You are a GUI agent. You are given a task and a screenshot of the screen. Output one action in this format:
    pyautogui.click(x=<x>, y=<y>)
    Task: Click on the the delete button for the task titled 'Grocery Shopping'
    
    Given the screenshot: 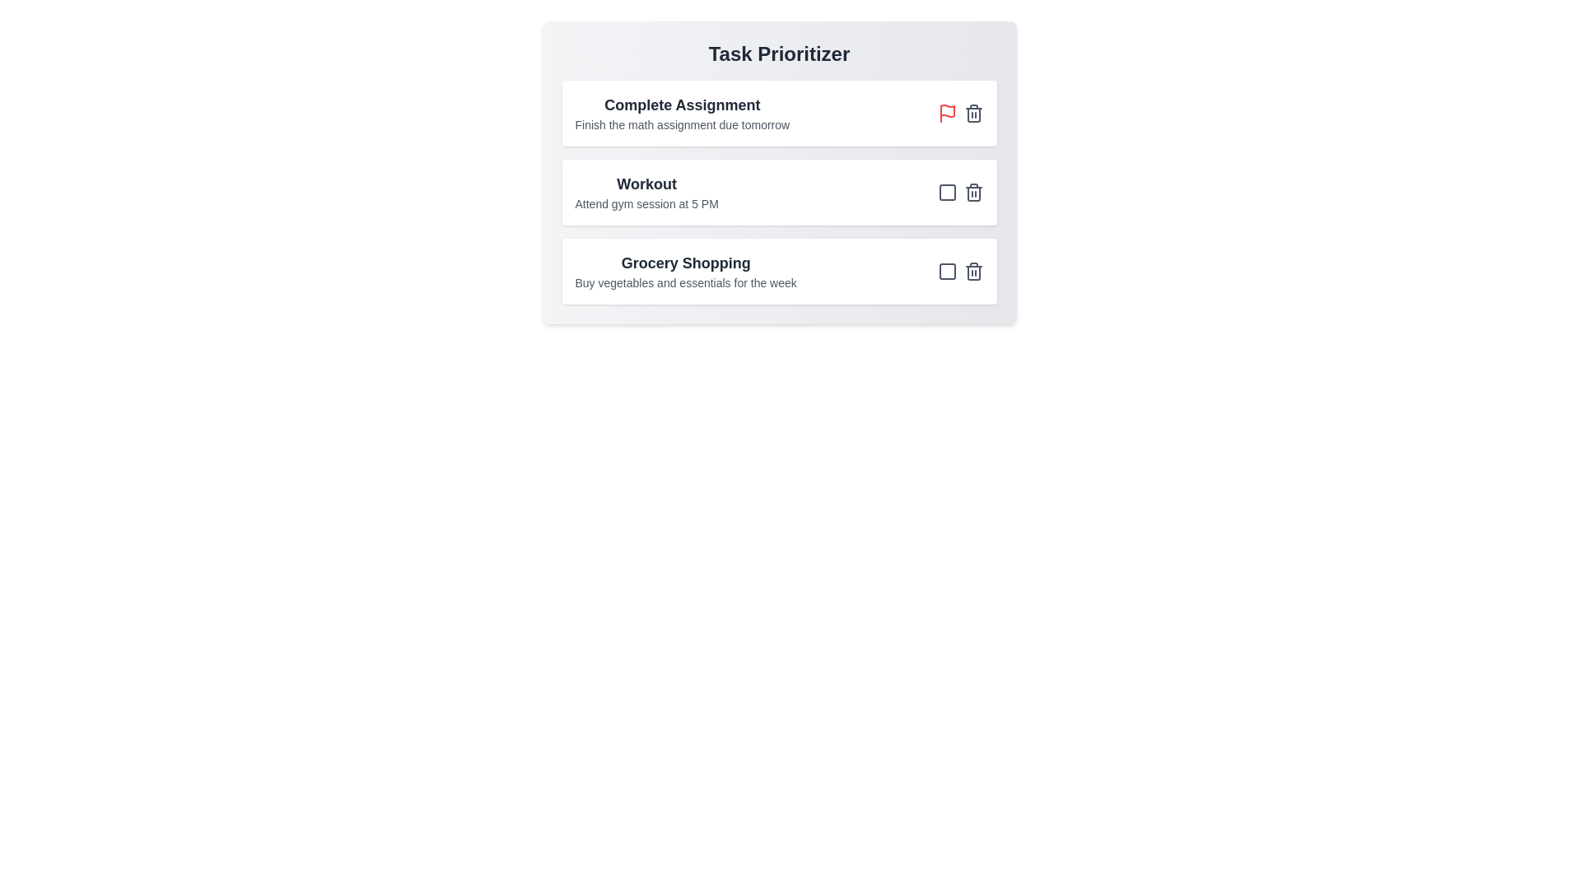 What is the action you would take?
    pyautogui.click(x=973, y=271)
    